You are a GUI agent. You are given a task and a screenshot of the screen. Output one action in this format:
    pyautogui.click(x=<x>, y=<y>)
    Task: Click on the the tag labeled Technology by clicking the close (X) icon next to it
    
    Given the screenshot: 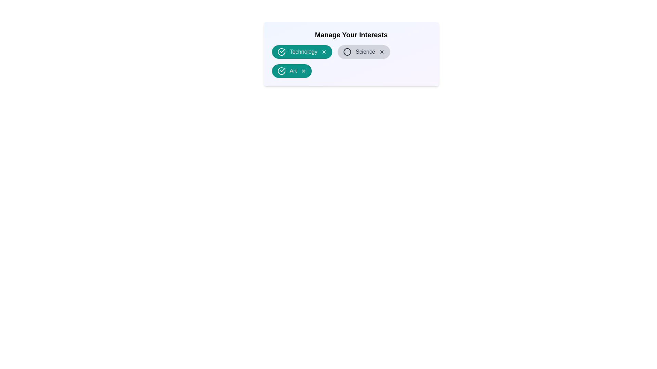 What is the action you would take?
    pyautogui.click(x=324, y=51)
    